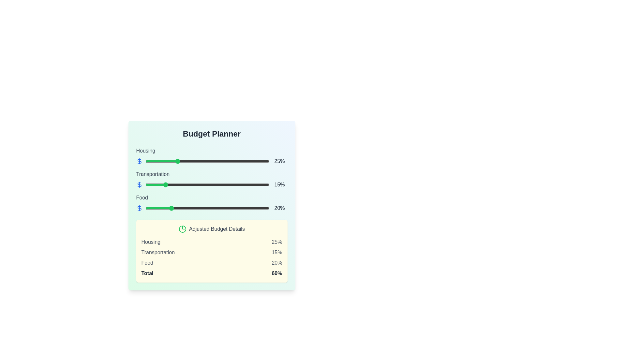 The height and width of the screenshot is (352, 626). I want to click on the 'Transportation' slider, so click(166, 185).